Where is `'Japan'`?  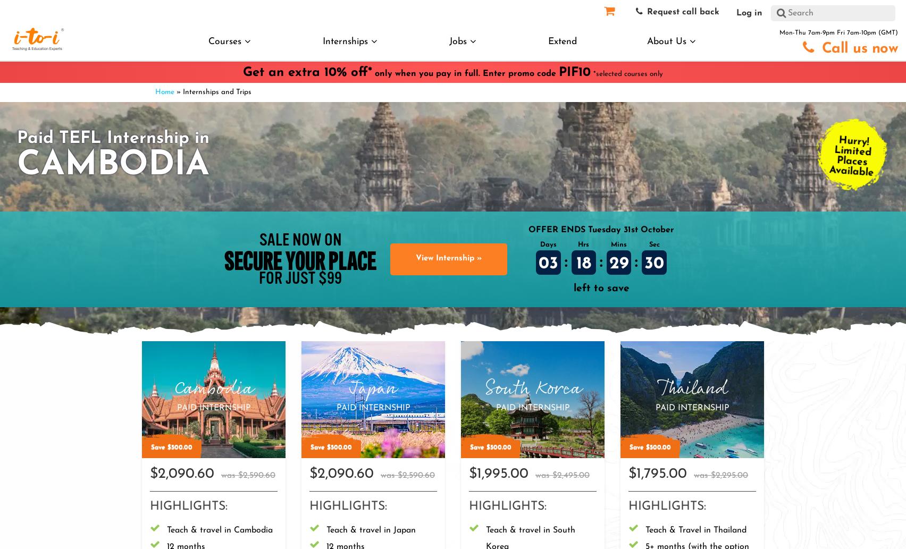
'Japan' is located at coordinates (373, 388).